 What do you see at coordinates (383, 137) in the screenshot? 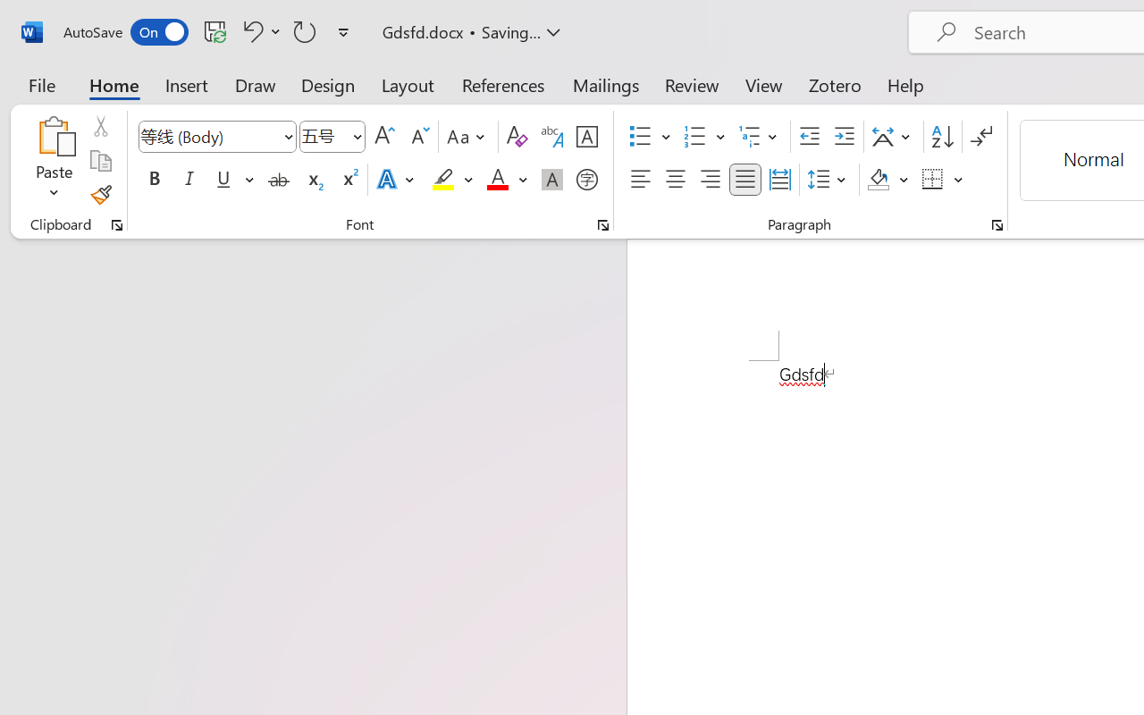
I see `'Grow Font'` at bounding box center [383, 137].